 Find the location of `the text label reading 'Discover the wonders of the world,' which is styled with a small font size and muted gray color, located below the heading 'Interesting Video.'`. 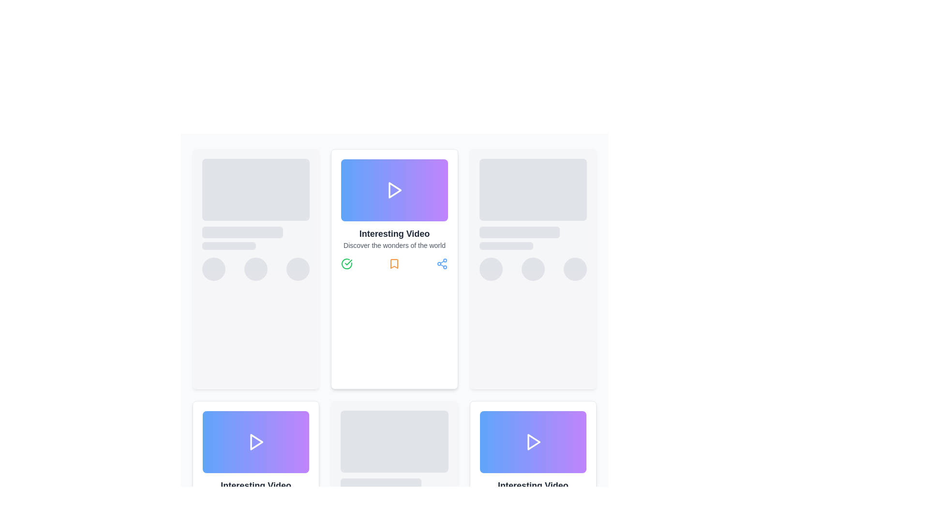

the text label reading 'Discover the wonders of the world,' which is styled with a small font size and muted gray color, located below the heading 'Interesting Video.' is located at coordinates (394, 245).